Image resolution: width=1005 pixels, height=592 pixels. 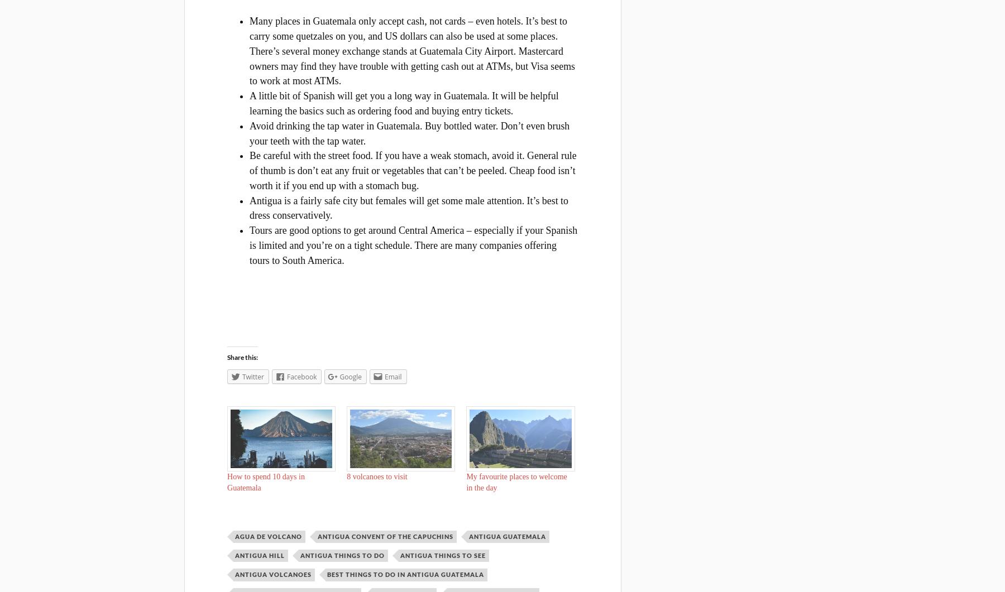 What do you see at coordinates (399, 555) in the screenshot?
I see `'antigua things to see'` at bounding box center [399, 555].